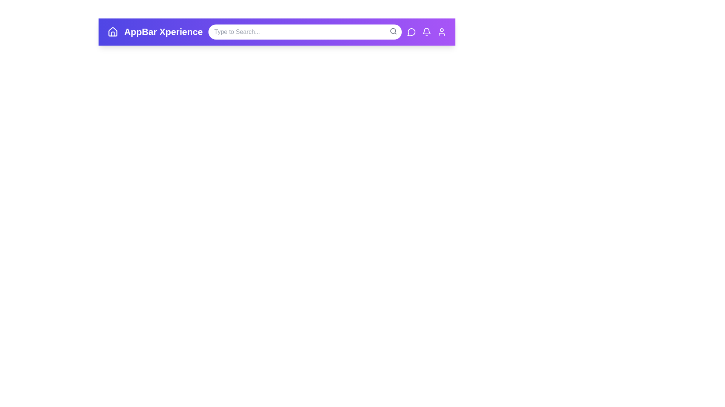 Image resolution: width=725 pixels, height=407 pixels. What do you see at coordinates (393, 31) in the screenshot?
I see `the search icon in the app bar` at bounding box center [393, 31].